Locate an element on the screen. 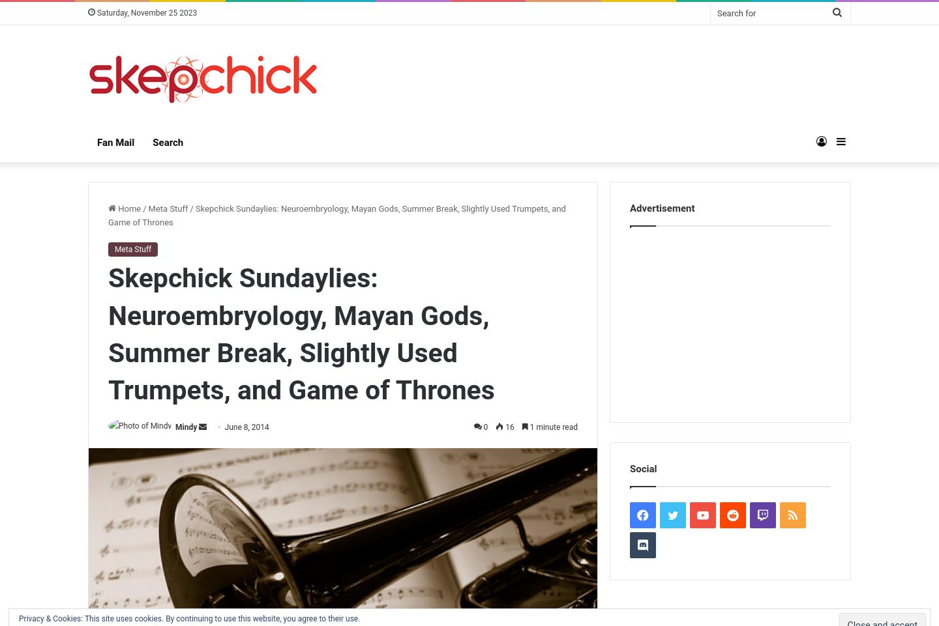 This screenshot has width=939, height=626. 'Privacy & Cookies: This site uses cookies. By continuing to use this website, you agree to their use.' is located at coordinates (18, 619).